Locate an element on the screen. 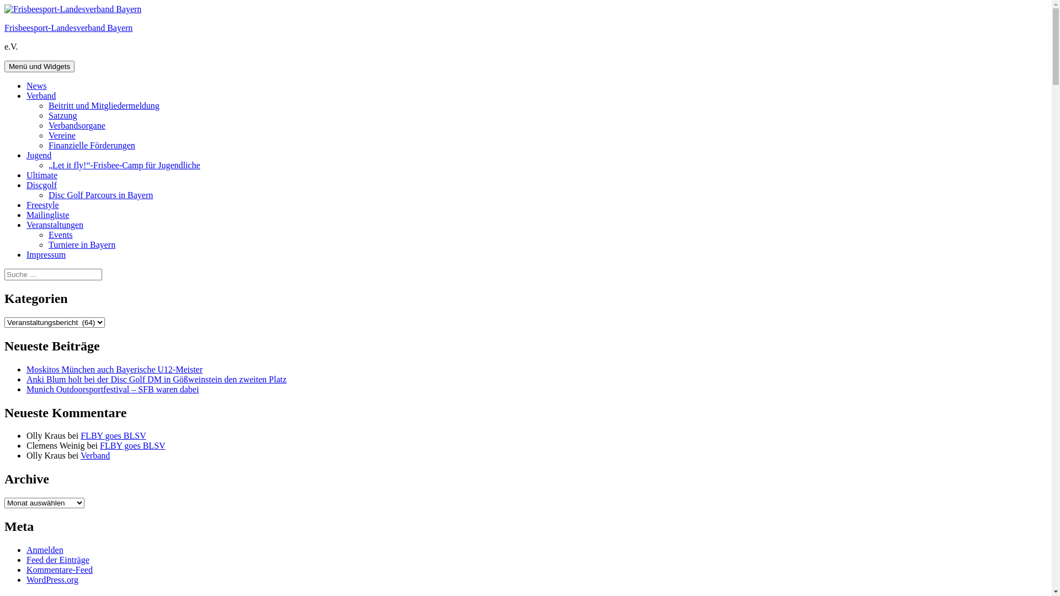 The height and width of the screenshot is (596, 1060). 'Suche' is located at coordinates (102, 268).